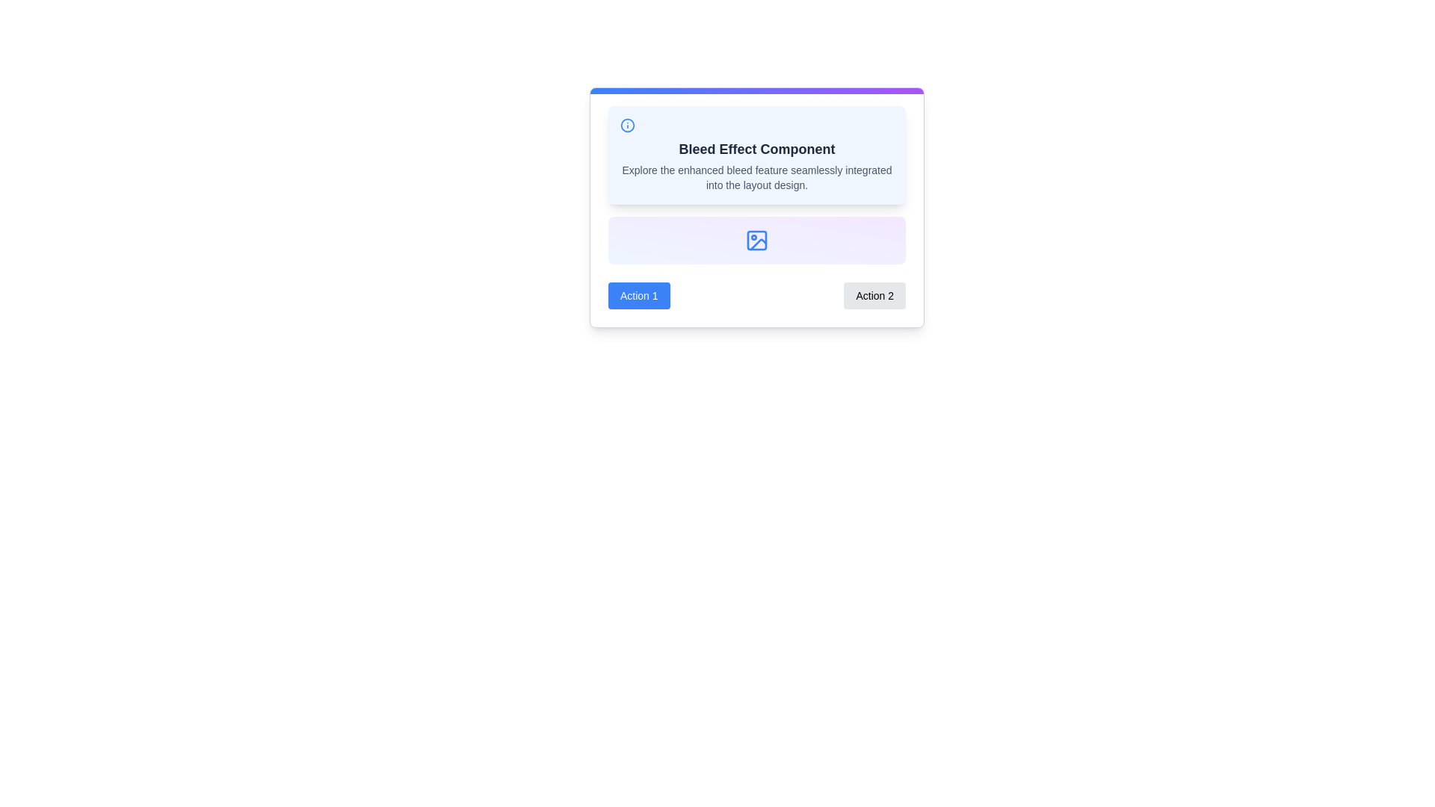  What do you see at coordinates (628, 125) in the screenshot?
I see `the blue circular icon with an outlined style located at the top-left corner of the card above the title text 'Bleed Effect Component'` at bounding box center [628, 125].